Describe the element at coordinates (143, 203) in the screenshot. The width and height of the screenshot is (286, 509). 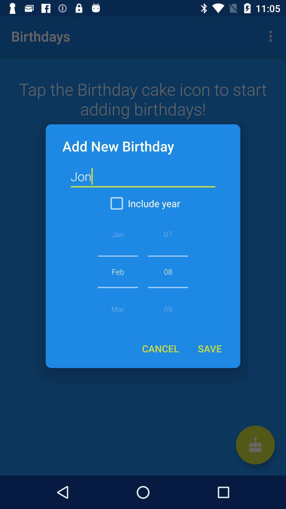
I see `the icon above the 08 item` at that location.